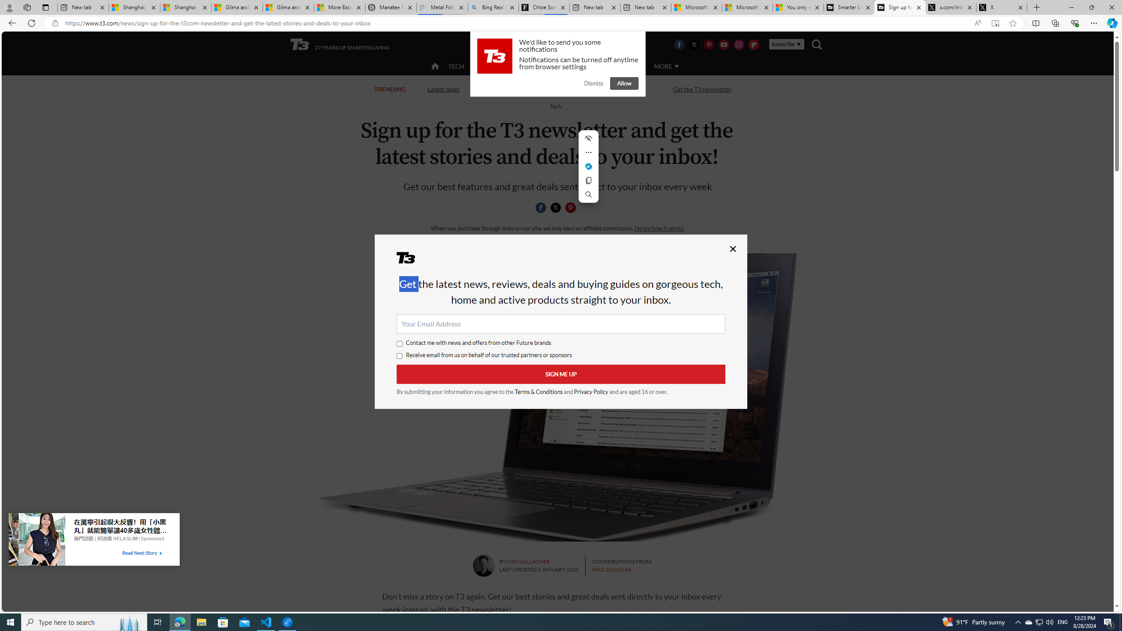  What do you see at coordinates (570, 208) in the screenshot?
I see `'Class: icon-svg'` at bounding box center [570, 208].